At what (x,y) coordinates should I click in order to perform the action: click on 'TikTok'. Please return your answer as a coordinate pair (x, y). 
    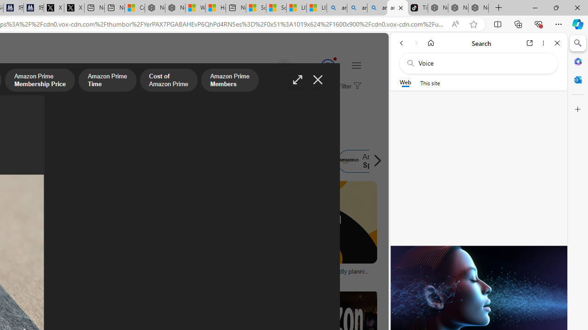
    Looking at the image, I should click on (417, 8).